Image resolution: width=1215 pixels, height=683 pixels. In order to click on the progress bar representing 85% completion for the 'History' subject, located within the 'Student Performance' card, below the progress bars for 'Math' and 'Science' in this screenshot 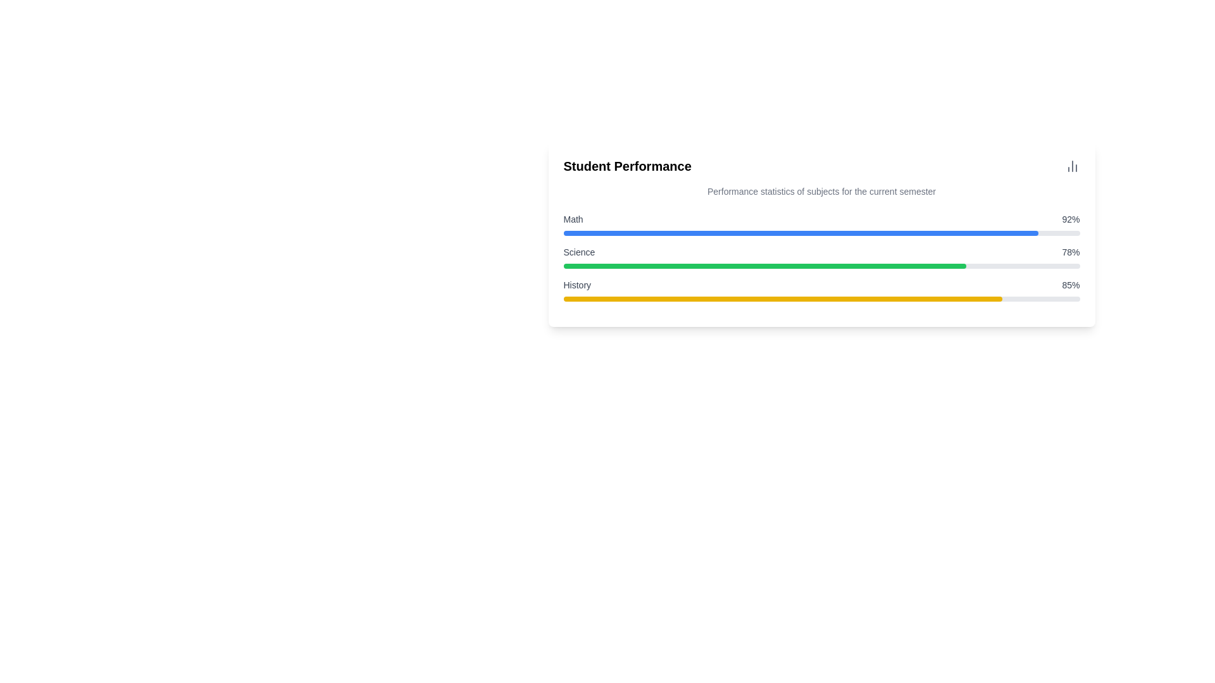, I will do `click(782, 299)`.